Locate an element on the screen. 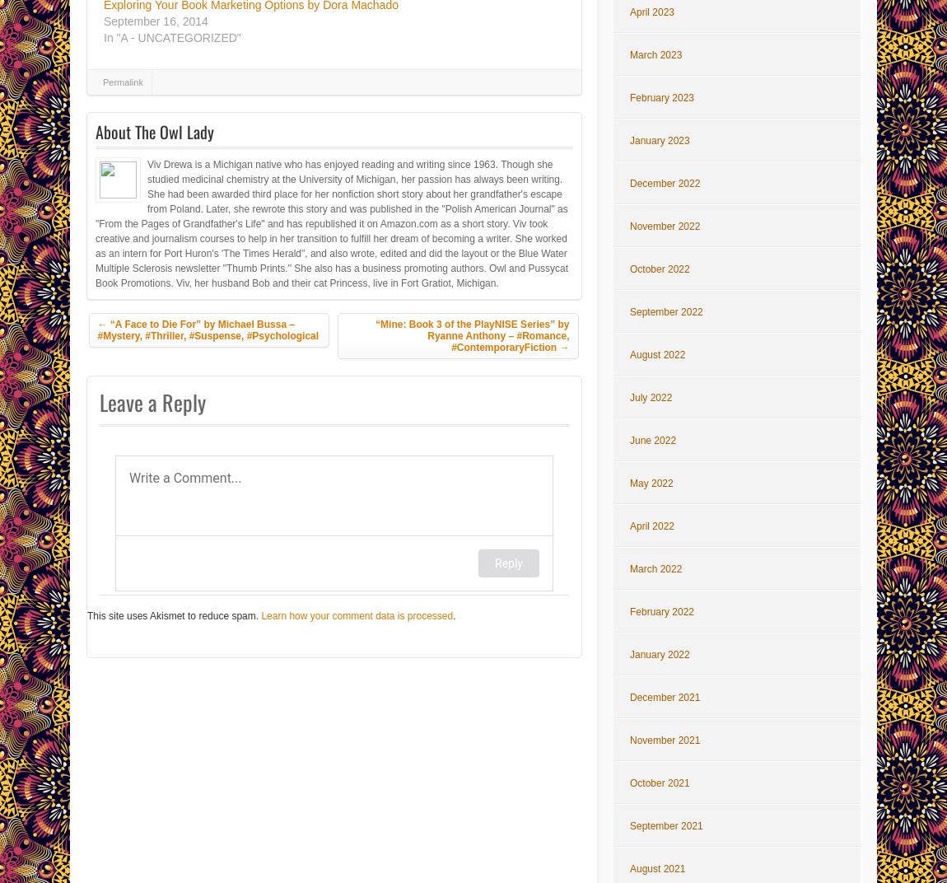  'Permalink' is located at coordinates (102, 82).